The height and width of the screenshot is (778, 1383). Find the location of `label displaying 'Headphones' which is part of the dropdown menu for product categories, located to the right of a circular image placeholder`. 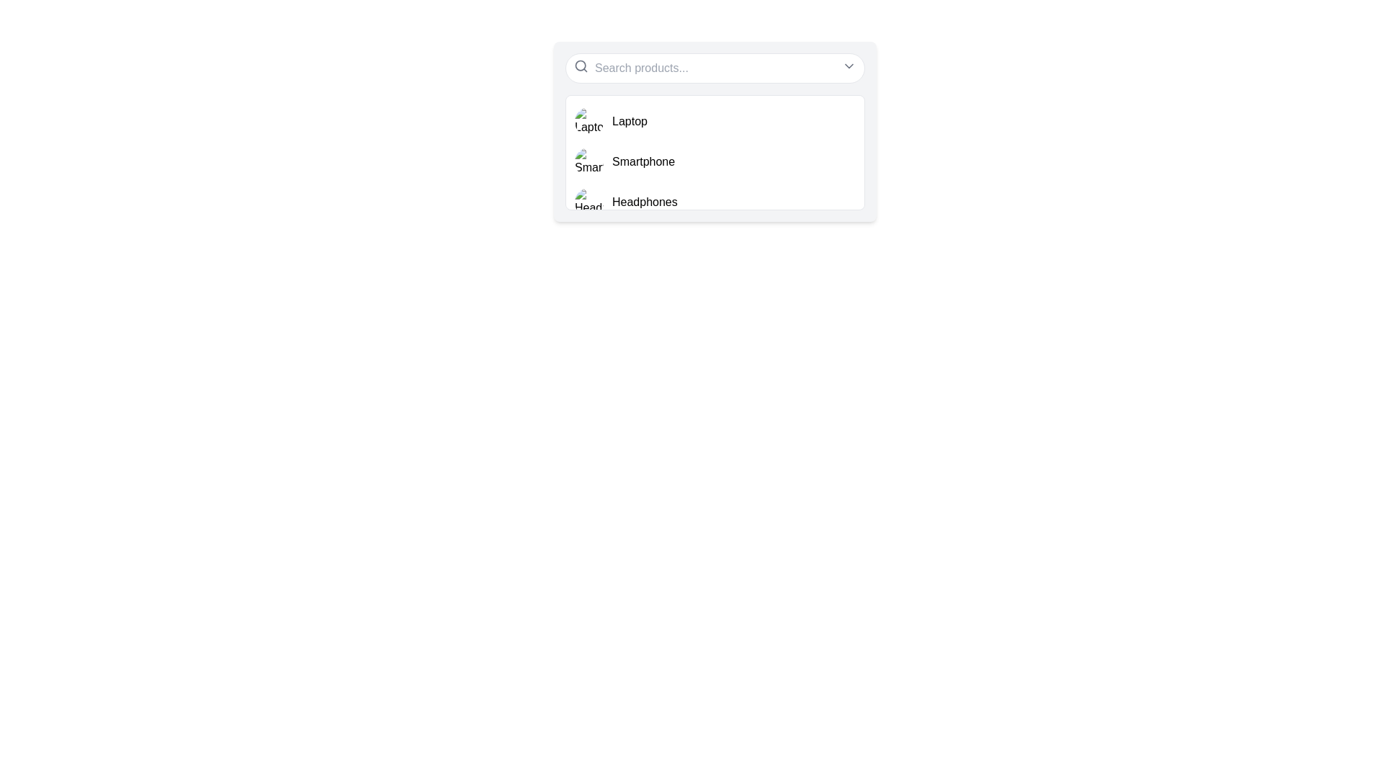

label displaying 'Headphones' which is part of the dropdown menu for product categories, located to the right of a circular image placeholder is located at coordinates (644, 202).